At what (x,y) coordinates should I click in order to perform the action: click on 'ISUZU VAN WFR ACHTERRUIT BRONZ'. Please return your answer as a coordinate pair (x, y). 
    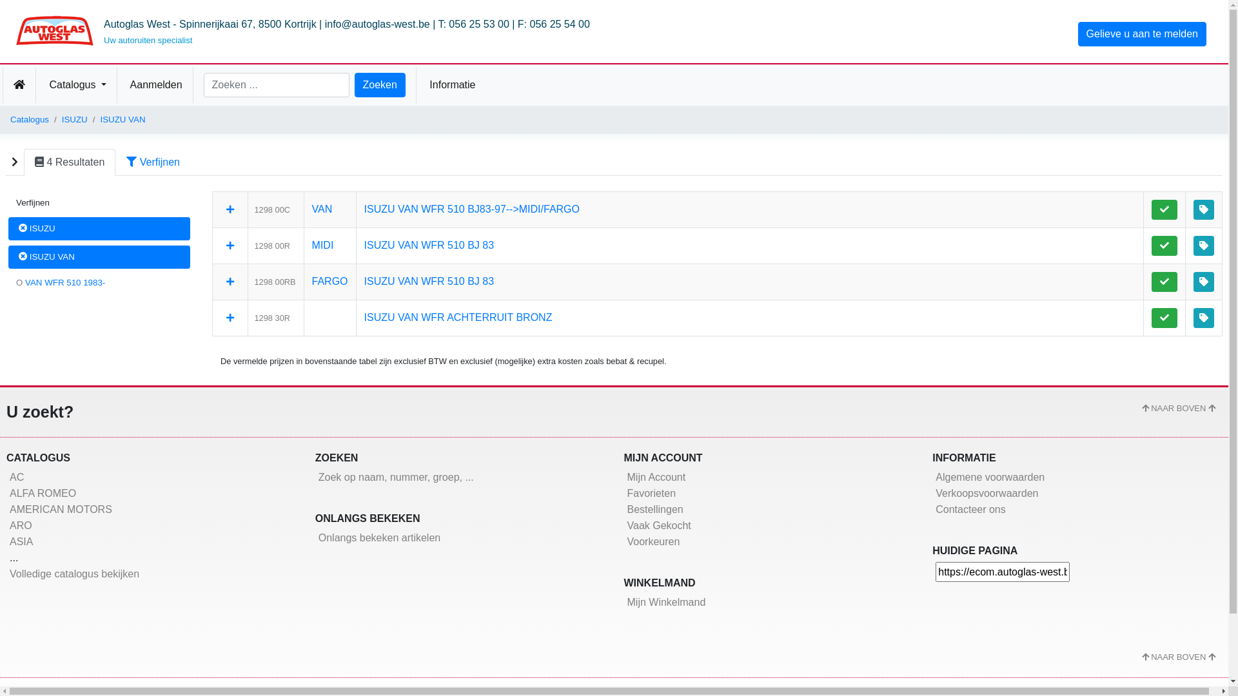
    Looking at the image, I should click on (458, 317).